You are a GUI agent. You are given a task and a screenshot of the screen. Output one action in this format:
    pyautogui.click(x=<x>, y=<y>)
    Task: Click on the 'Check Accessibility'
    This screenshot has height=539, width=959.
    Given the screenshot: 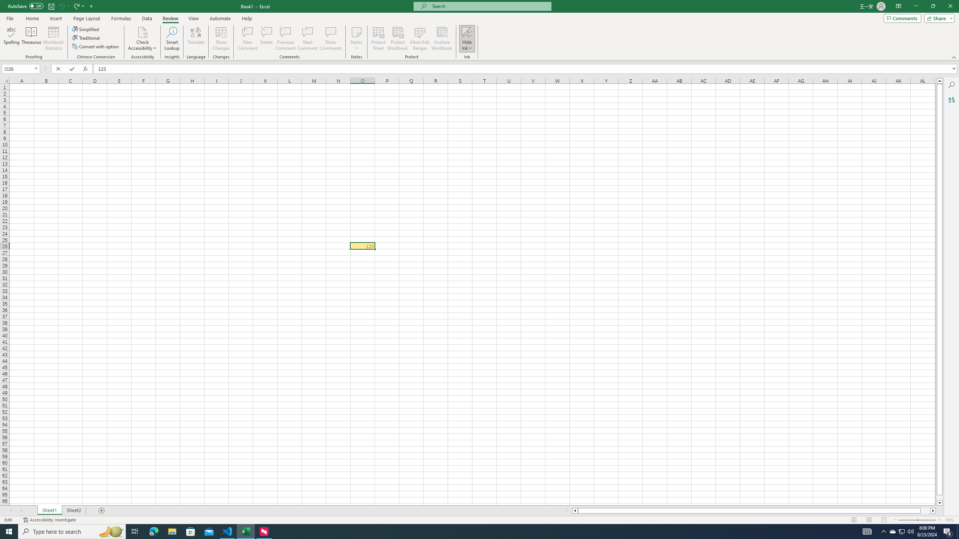 What is the action you would take?
    pyautogui.click(x=142, y=39)
    